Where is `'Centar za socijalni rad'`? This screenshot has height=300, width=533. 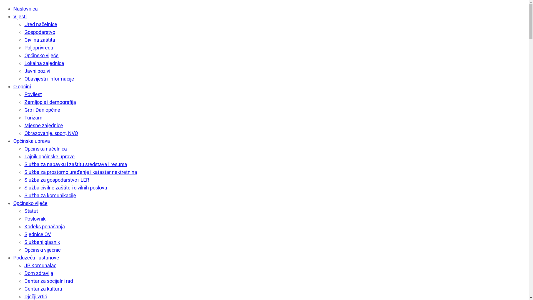 'Centar za socijalni rad' is located at coordinates (49, 281).